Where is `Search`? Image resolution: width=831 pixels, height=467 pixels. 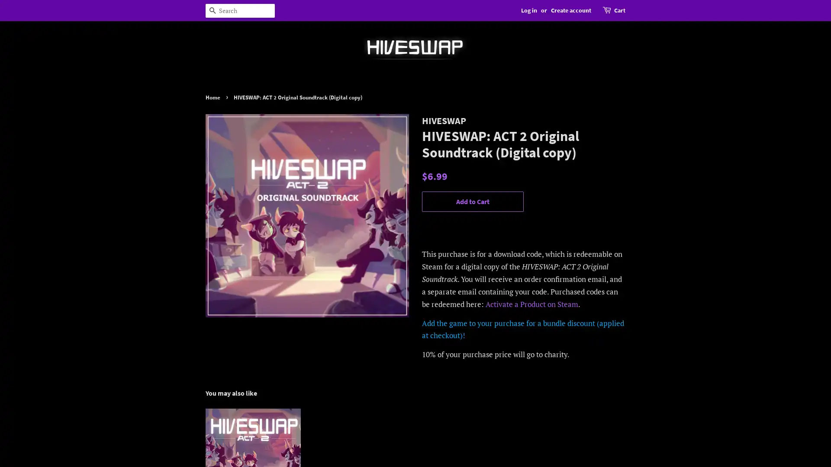
Search is located at coordinates (212, 10).